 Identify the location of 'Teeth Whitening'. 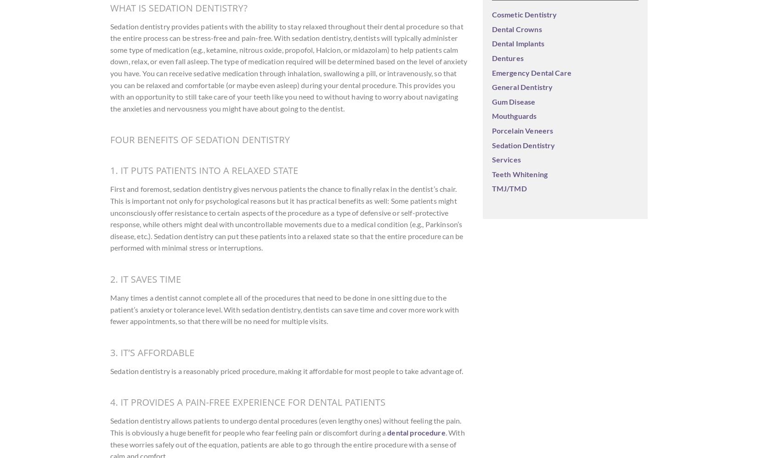
(520, 173).